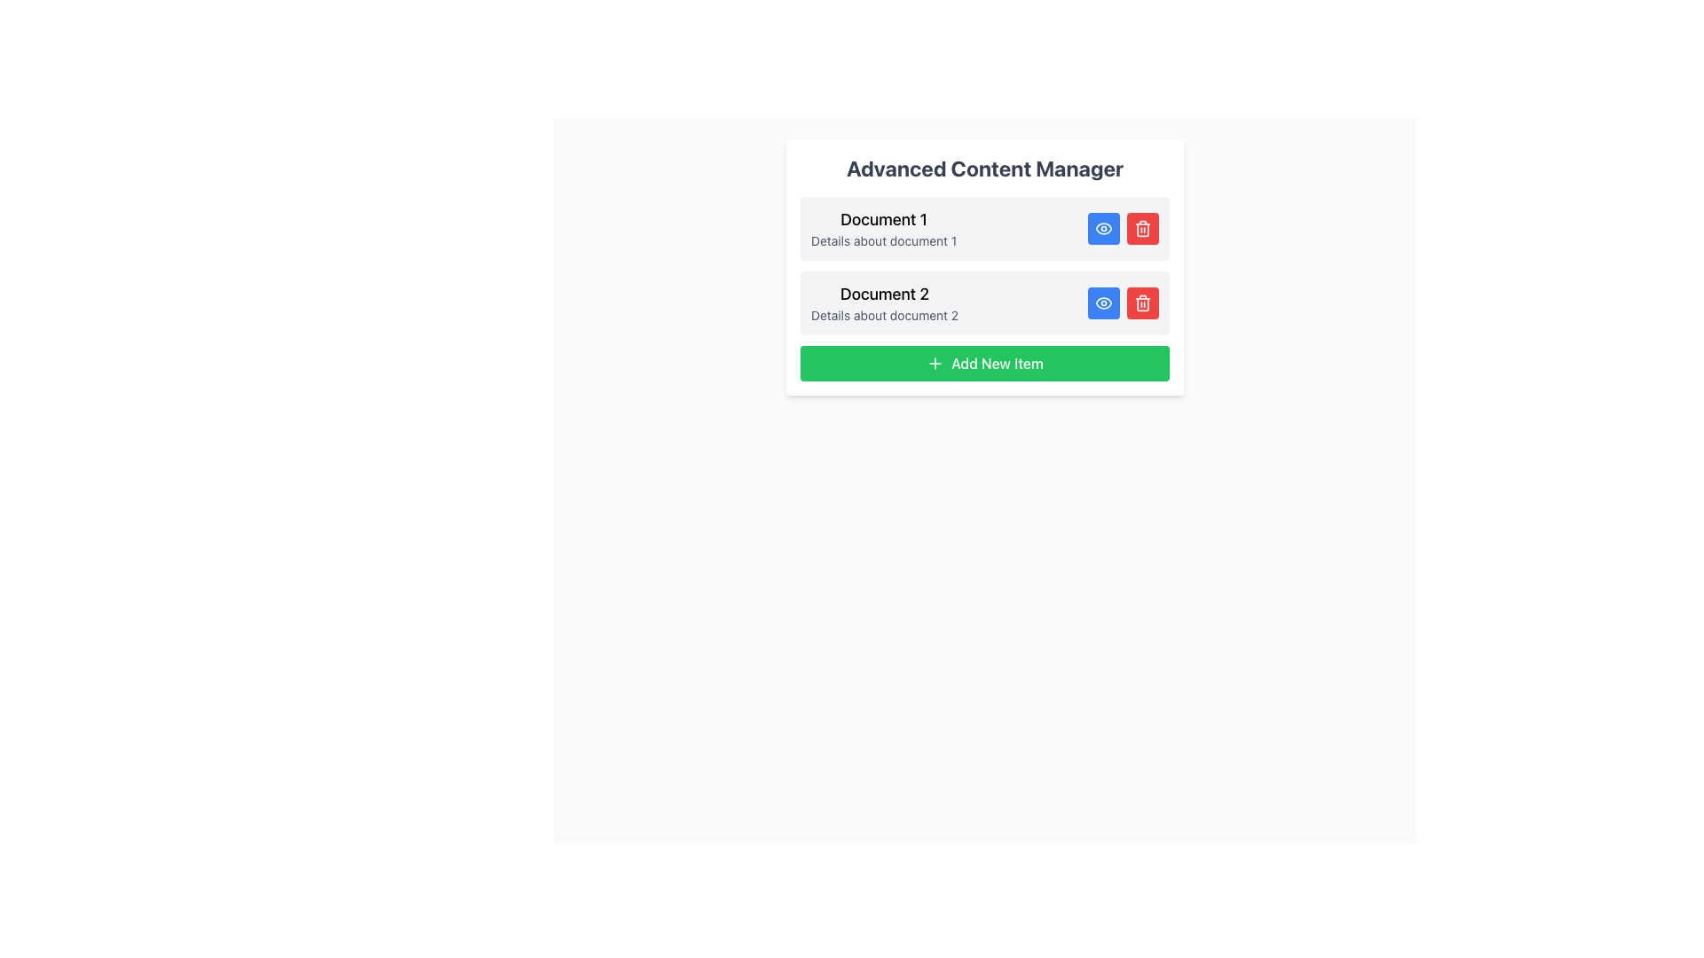 This screenshot has width=1704, height=958. I want to click on the descriptive subtitle text label located below the title 'Document 1', which provides additional details about 'Document 1', so click(884, 241).